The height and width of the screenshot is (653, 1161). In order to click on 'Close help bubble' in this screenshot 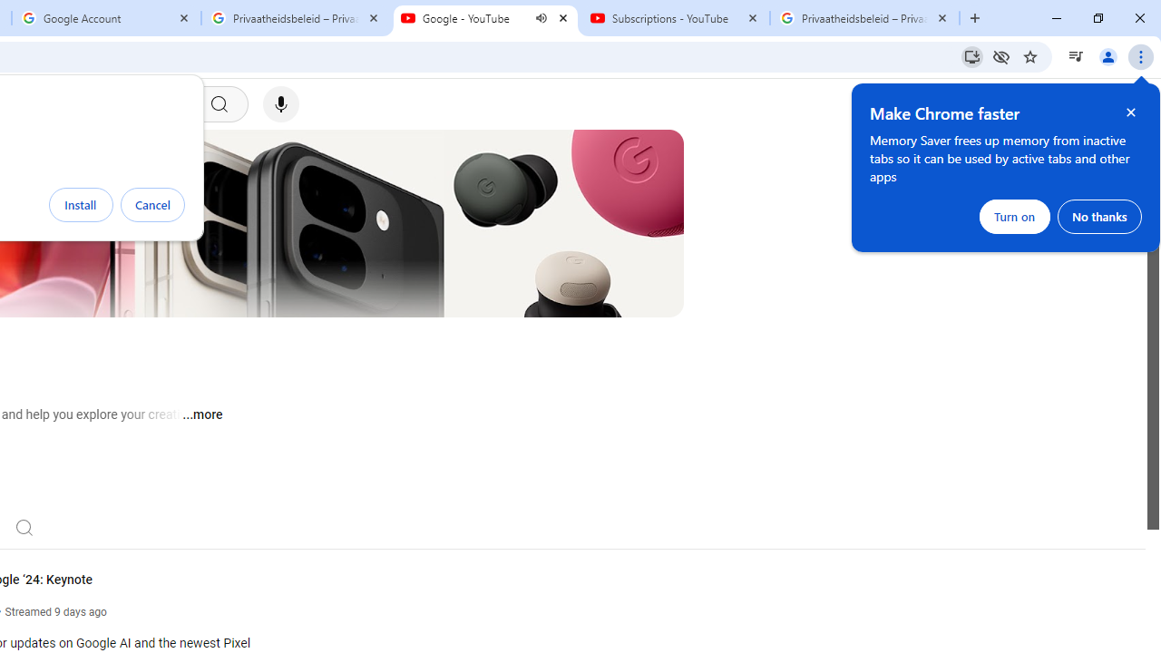, I will do `click(1130, 112)`.